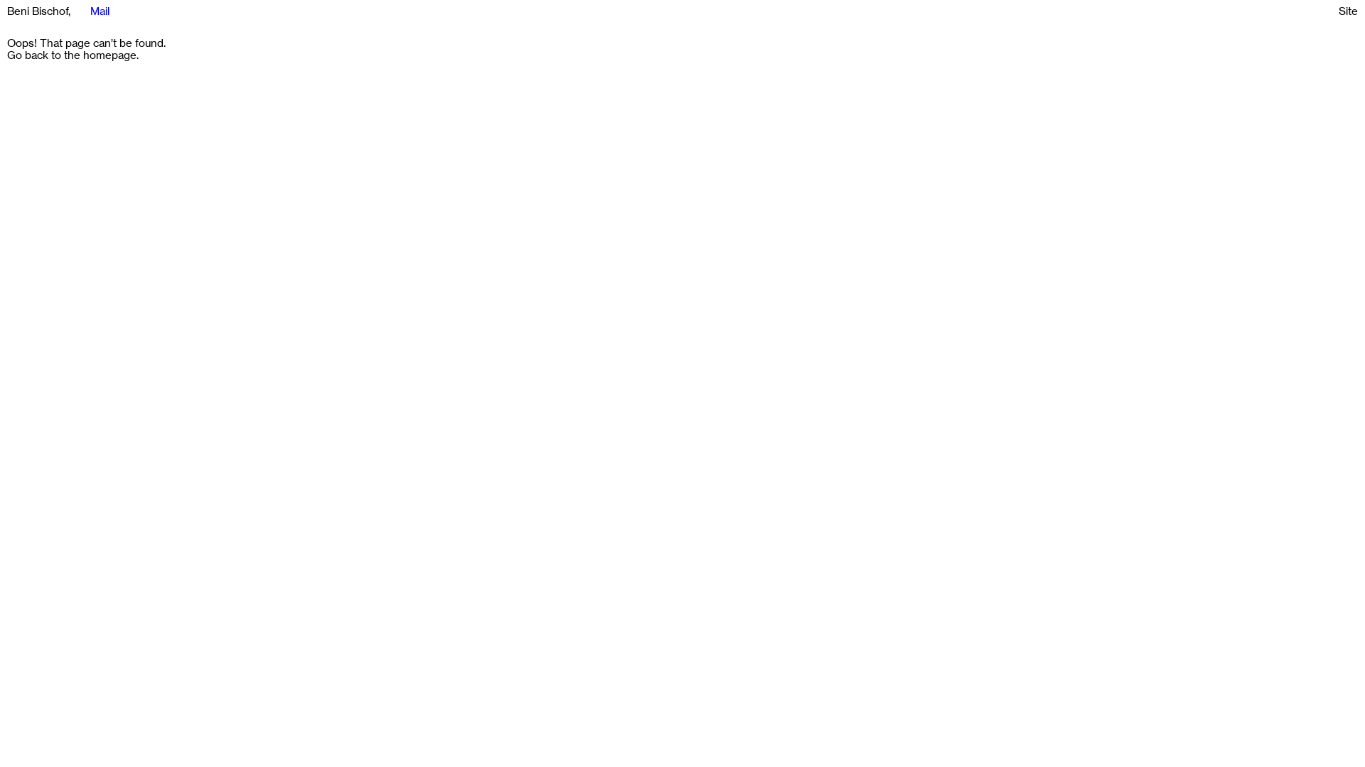 The image size is (1365, 767). What do you see at coordinates (109, 54) in the screenshot?
I see `'homepage'` at bounding box center [109, 54].